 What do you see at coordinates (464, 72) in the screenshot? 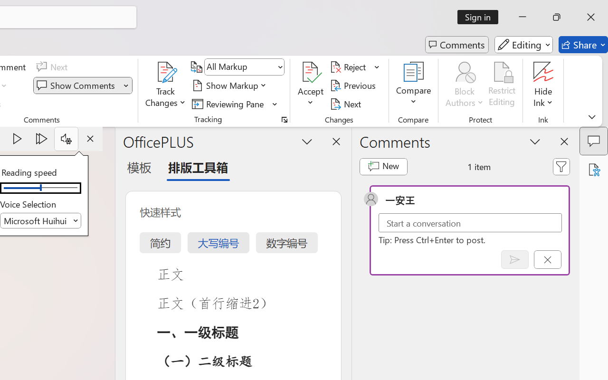
I see `'Block Authors'` at bounding box center [464, 72].